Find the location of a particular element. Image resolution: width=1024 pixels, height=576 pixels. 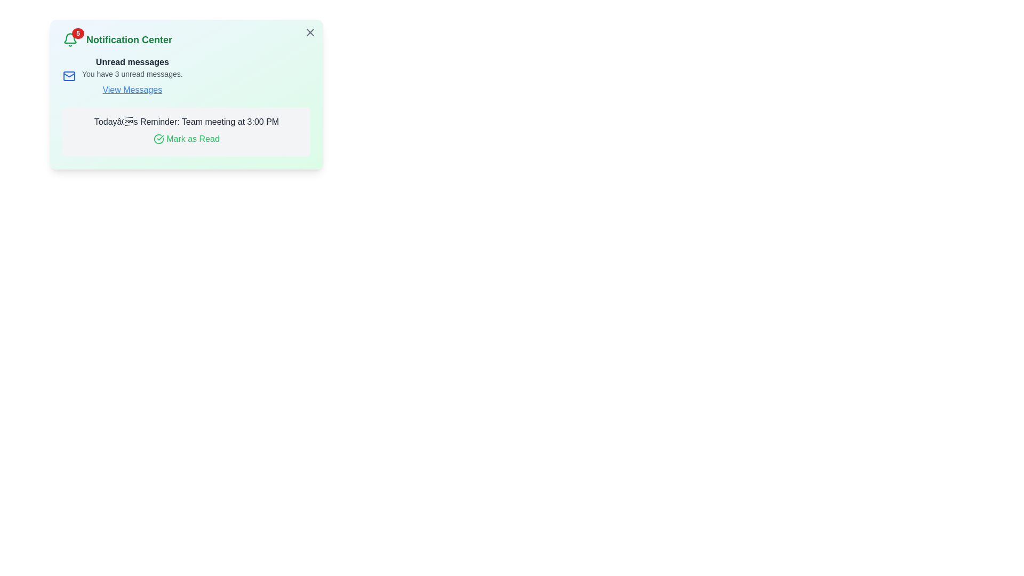

the Notification Badge located at the top-right corner of the bell icon, which is red in color and indicates unread notifications is located at coordinates (77, 33).